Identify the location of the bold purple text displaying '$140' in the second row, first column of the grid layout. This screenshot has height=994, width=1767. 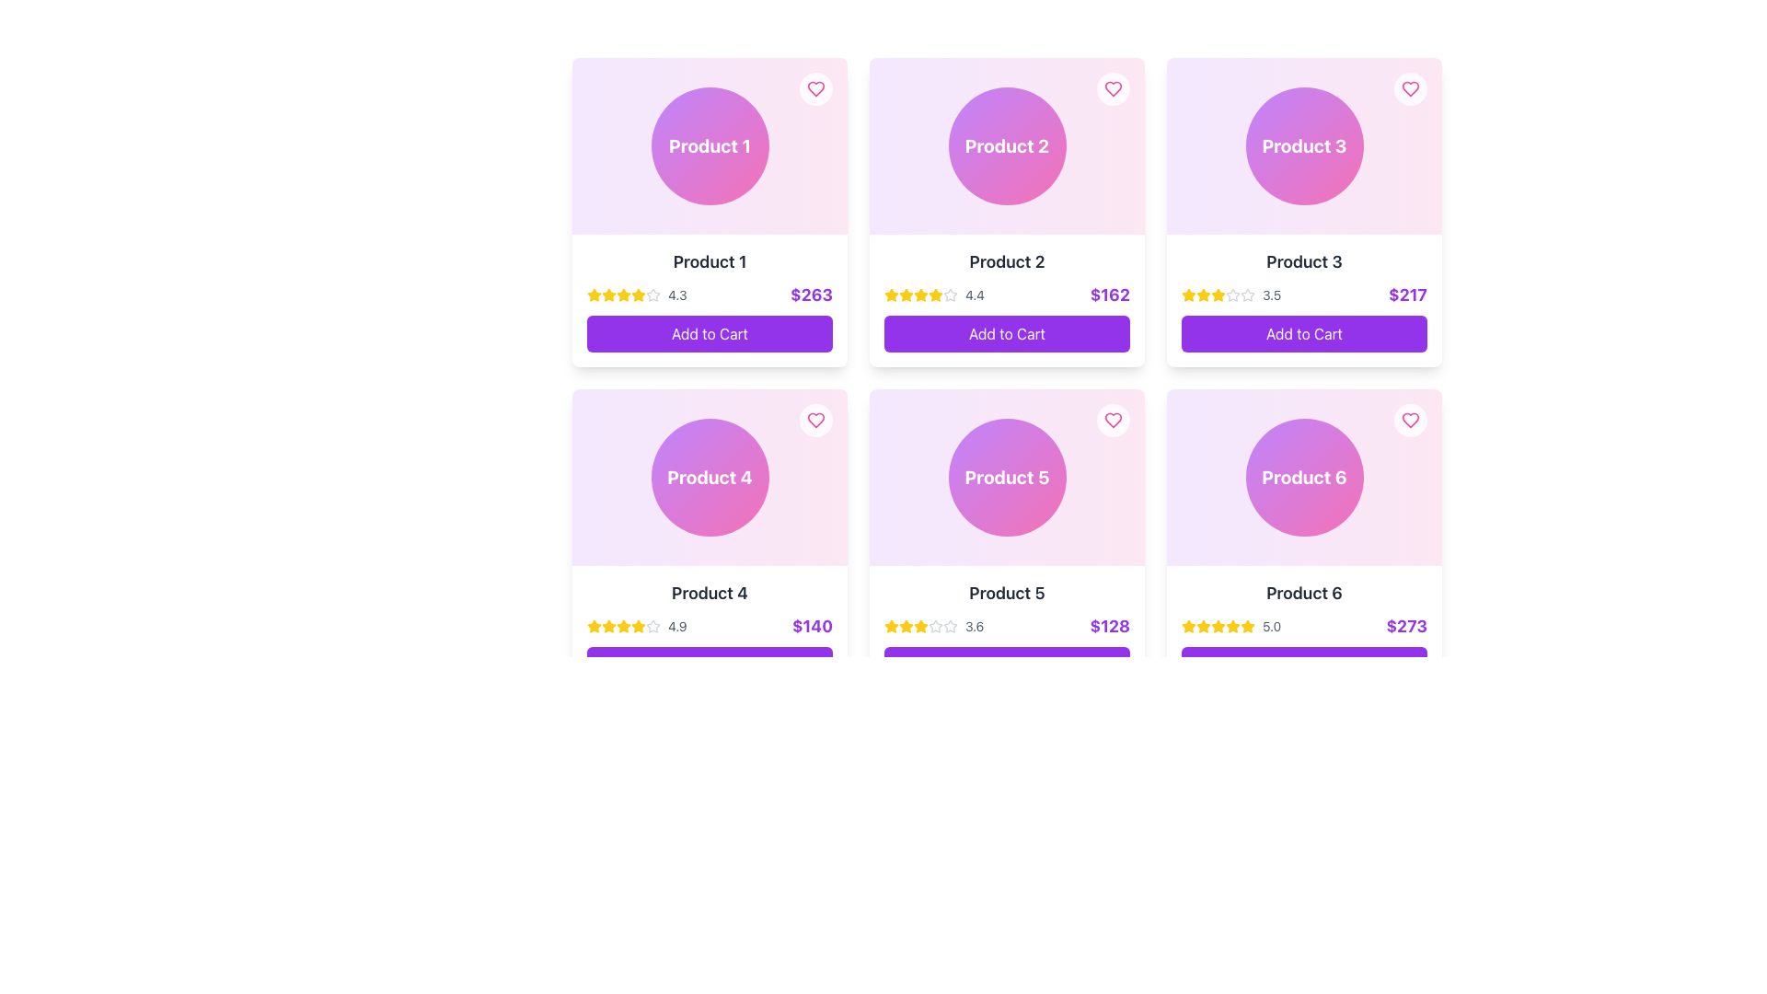
(812, 626).